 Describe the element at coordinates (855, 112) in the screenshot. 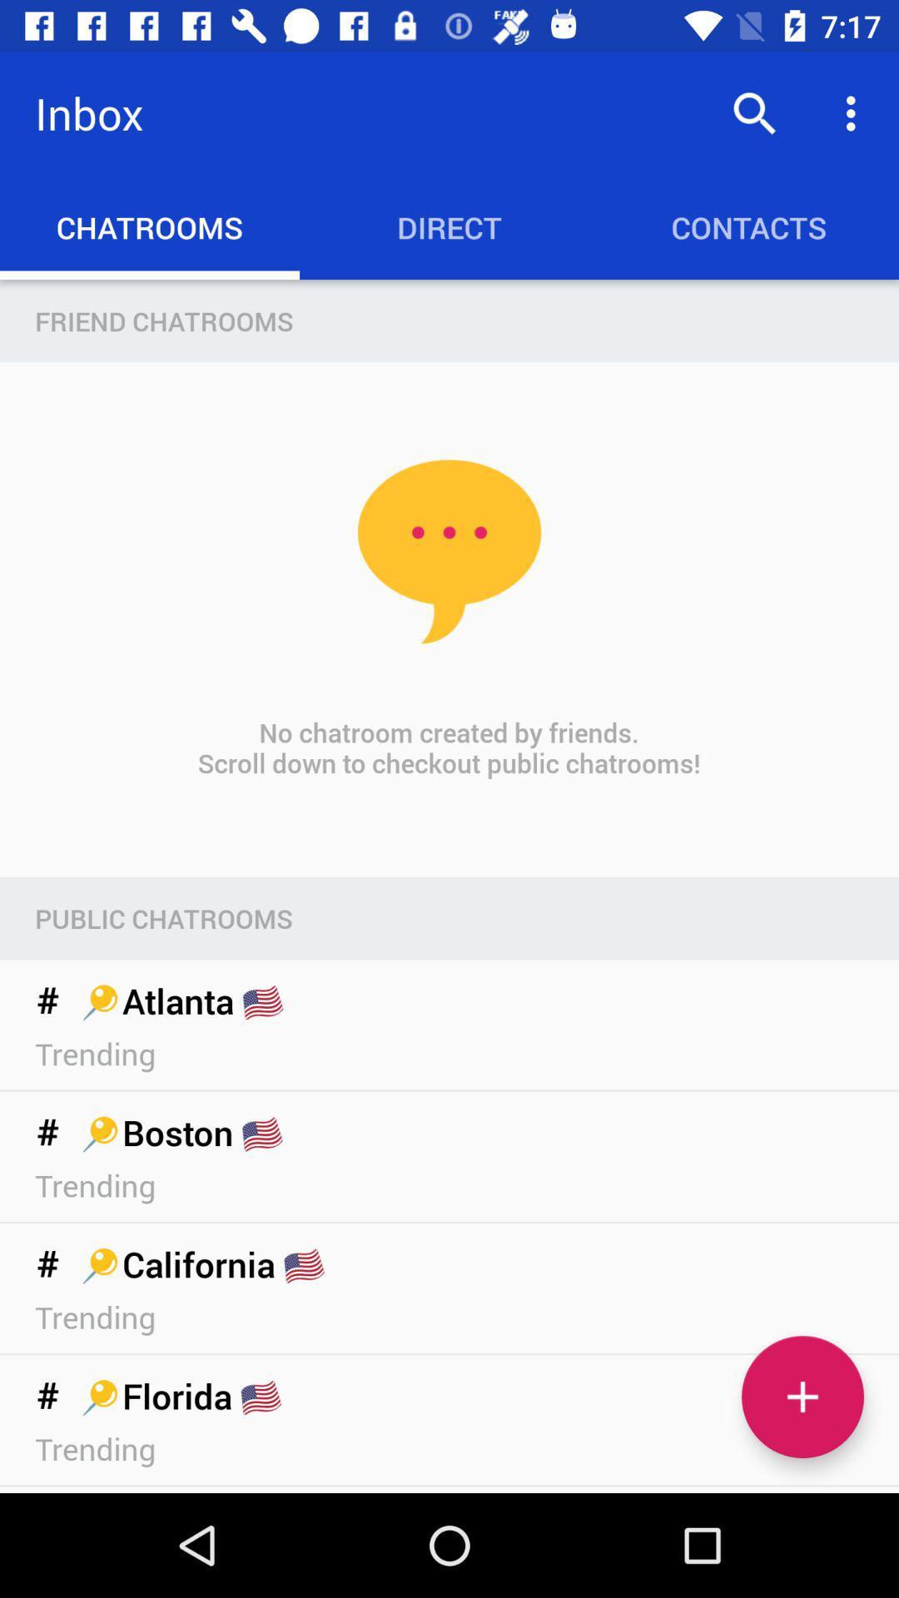

I see `the item above contacts icon` at that location.